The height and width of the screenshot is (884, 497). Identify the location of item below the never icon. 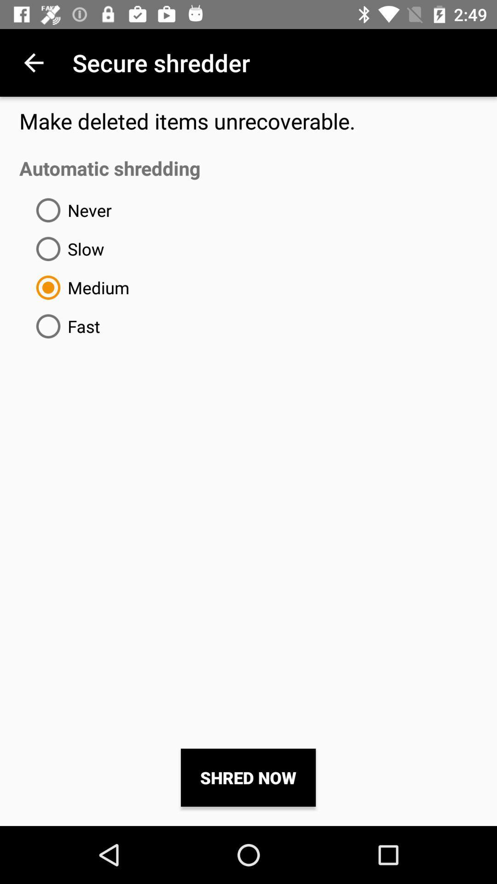
(66, 249).